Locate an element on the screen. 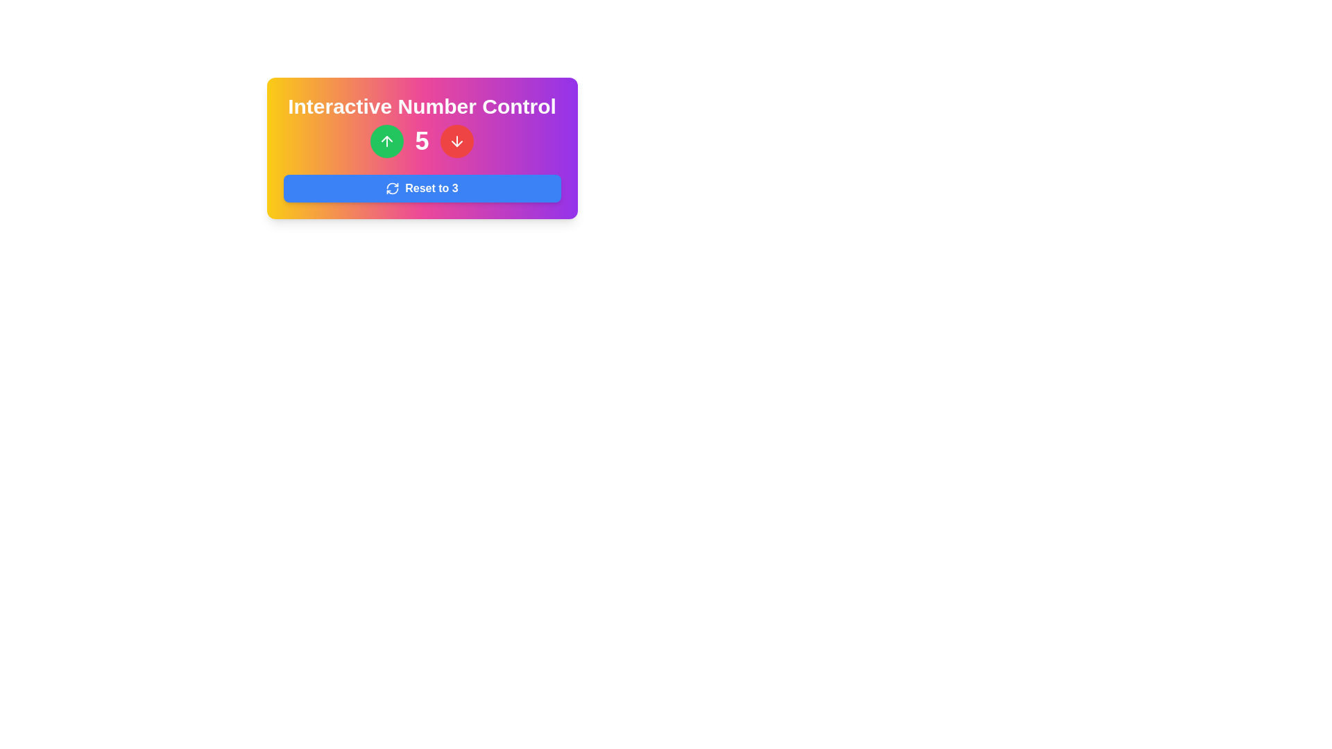  displayed value of the static text label 'Reset to 3' centered in a blue rectangular button is located at coordinates (431, 189).